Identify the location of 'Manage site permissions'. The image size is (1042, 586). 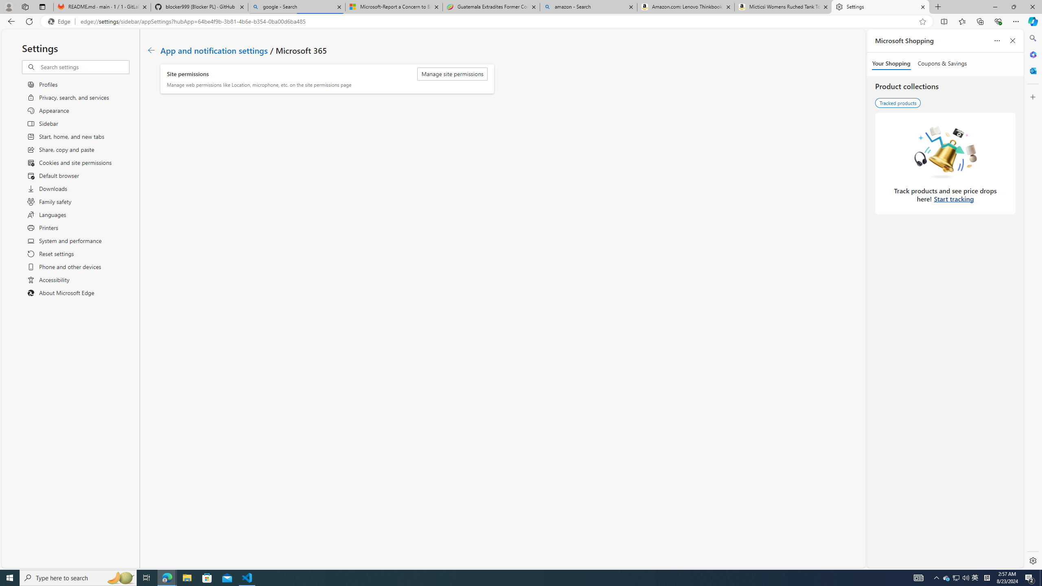
(452, 74).